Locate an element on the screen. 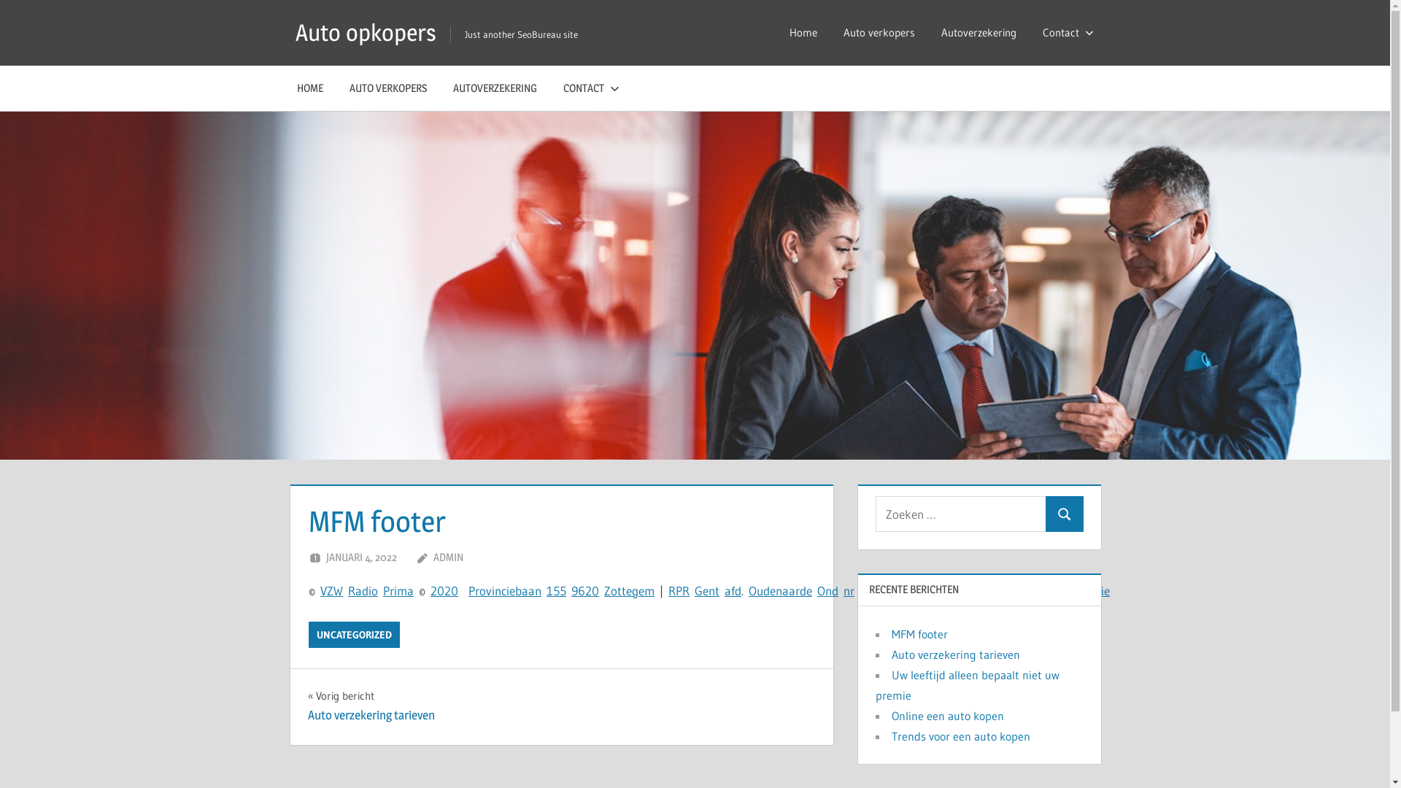 The image size is (1401, 788). 'd' is located at coordinates (802, 590).